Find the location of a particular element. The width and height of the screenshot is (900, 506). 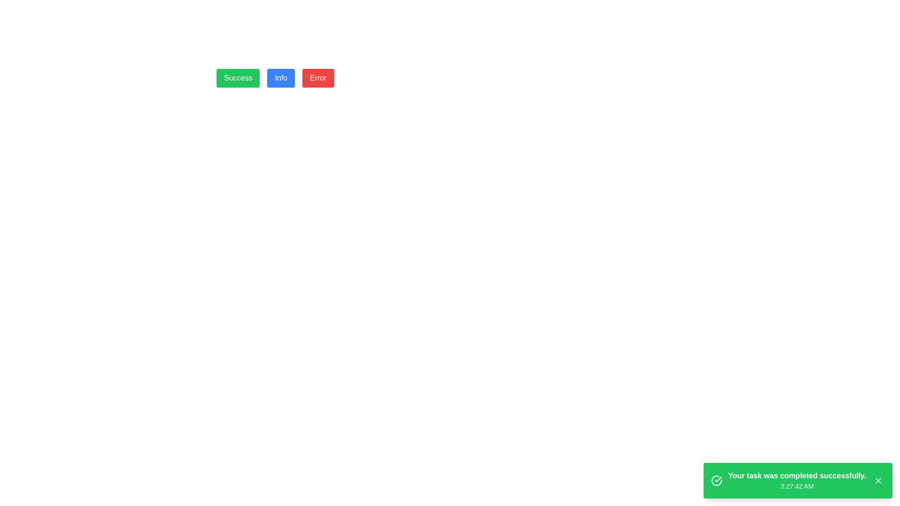

the 'Error' button, which is the third button in a horizontal row of three buttons labeled 'Success', 'Info', and 'Error' is located at coordinates (318, 77).